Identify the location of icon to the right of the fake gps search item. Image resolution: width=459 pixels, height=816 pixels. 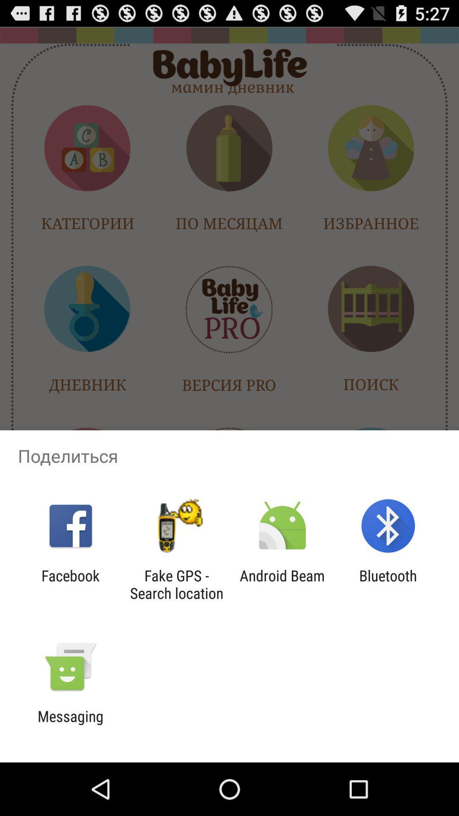
(282, 584).